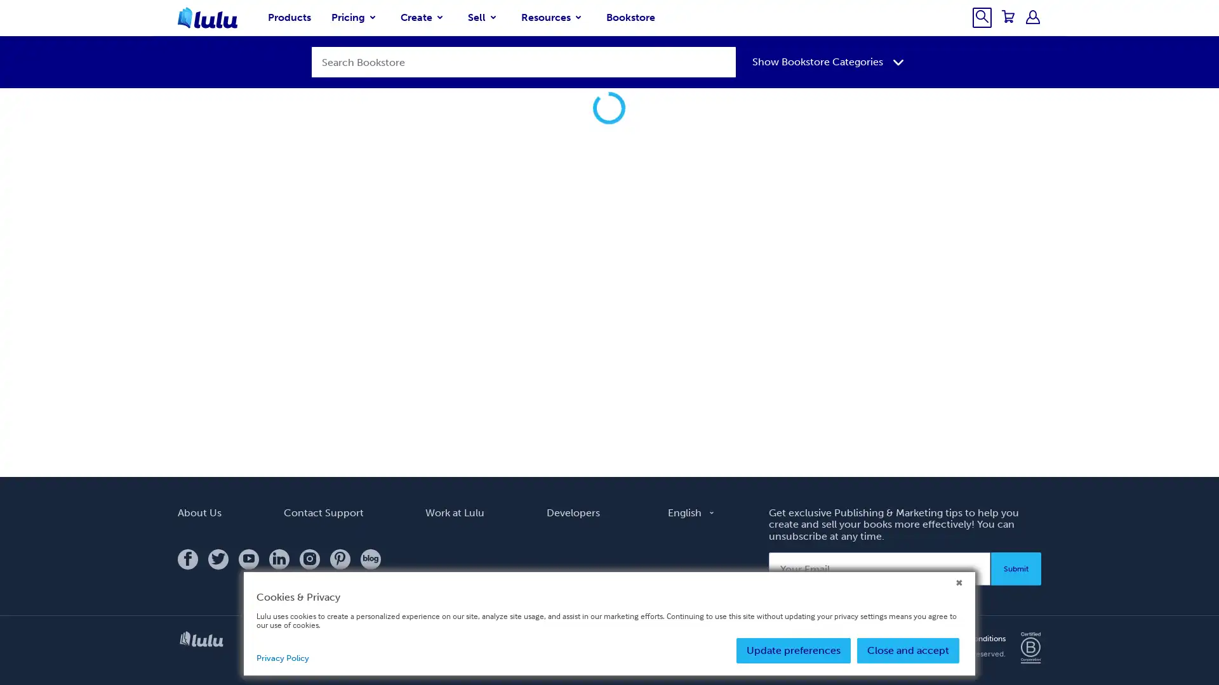 This screenshot has width=1219, height=685. Describe the element at coordinates (997, 388) in the screenshot. I see `Next page` at that location.